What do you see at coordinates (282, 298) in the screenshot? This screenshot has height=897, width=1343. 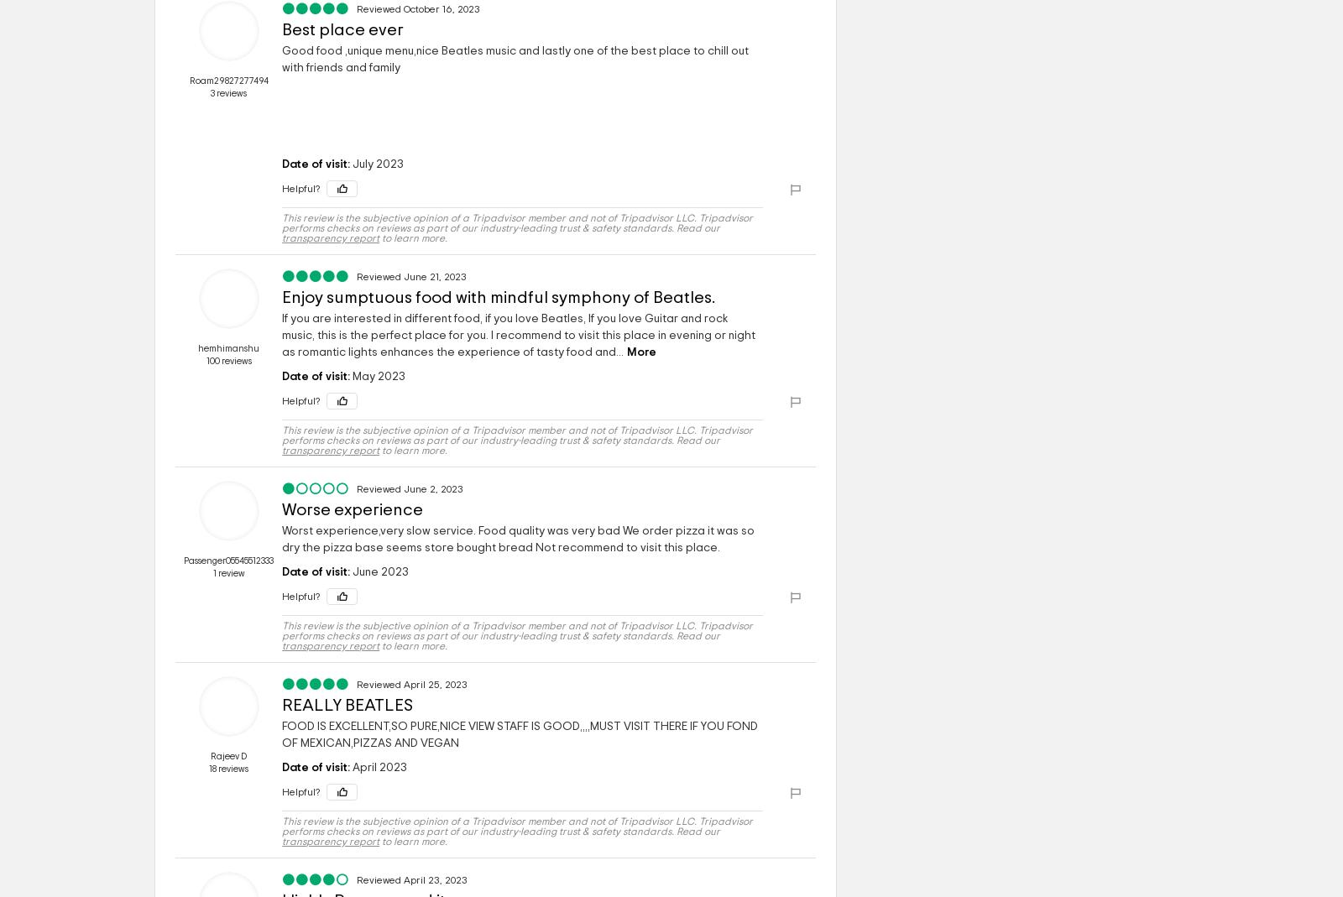 I see `'Enjoy sumptuous  food with mindful symphony of Beatles.'` at bounding box center [282, 298].